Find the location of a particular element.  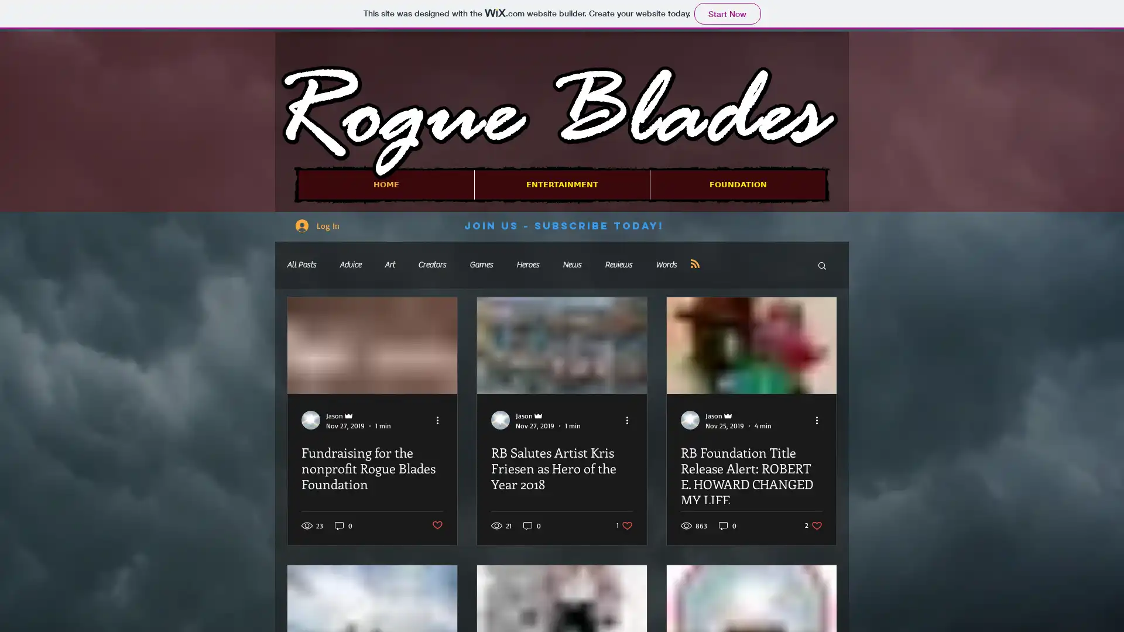

Games is located at coordinates (481, 265).